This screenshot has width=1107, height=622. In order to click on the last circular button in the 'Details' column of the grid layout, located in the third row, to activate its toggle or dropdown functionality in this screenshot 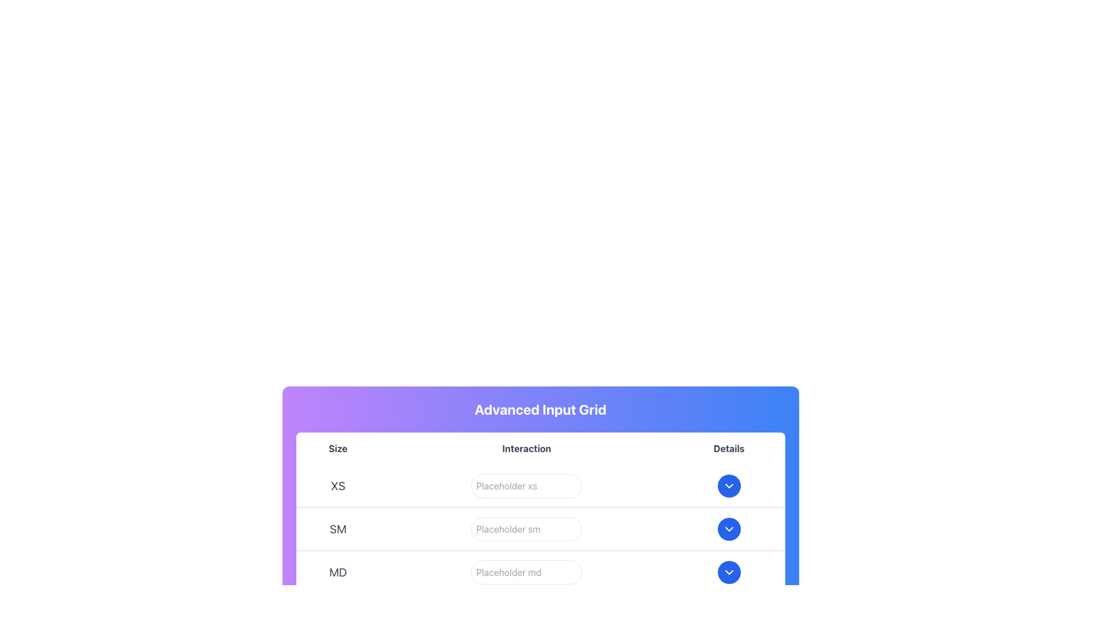, I will do `click(728, 572)`.